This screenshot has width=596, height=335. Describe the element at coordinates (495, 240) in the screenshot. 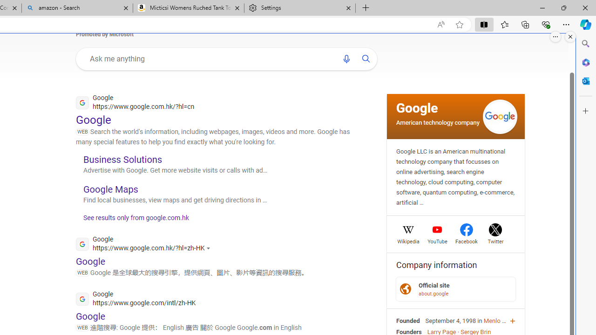

I see `'Twitter'` at that location.